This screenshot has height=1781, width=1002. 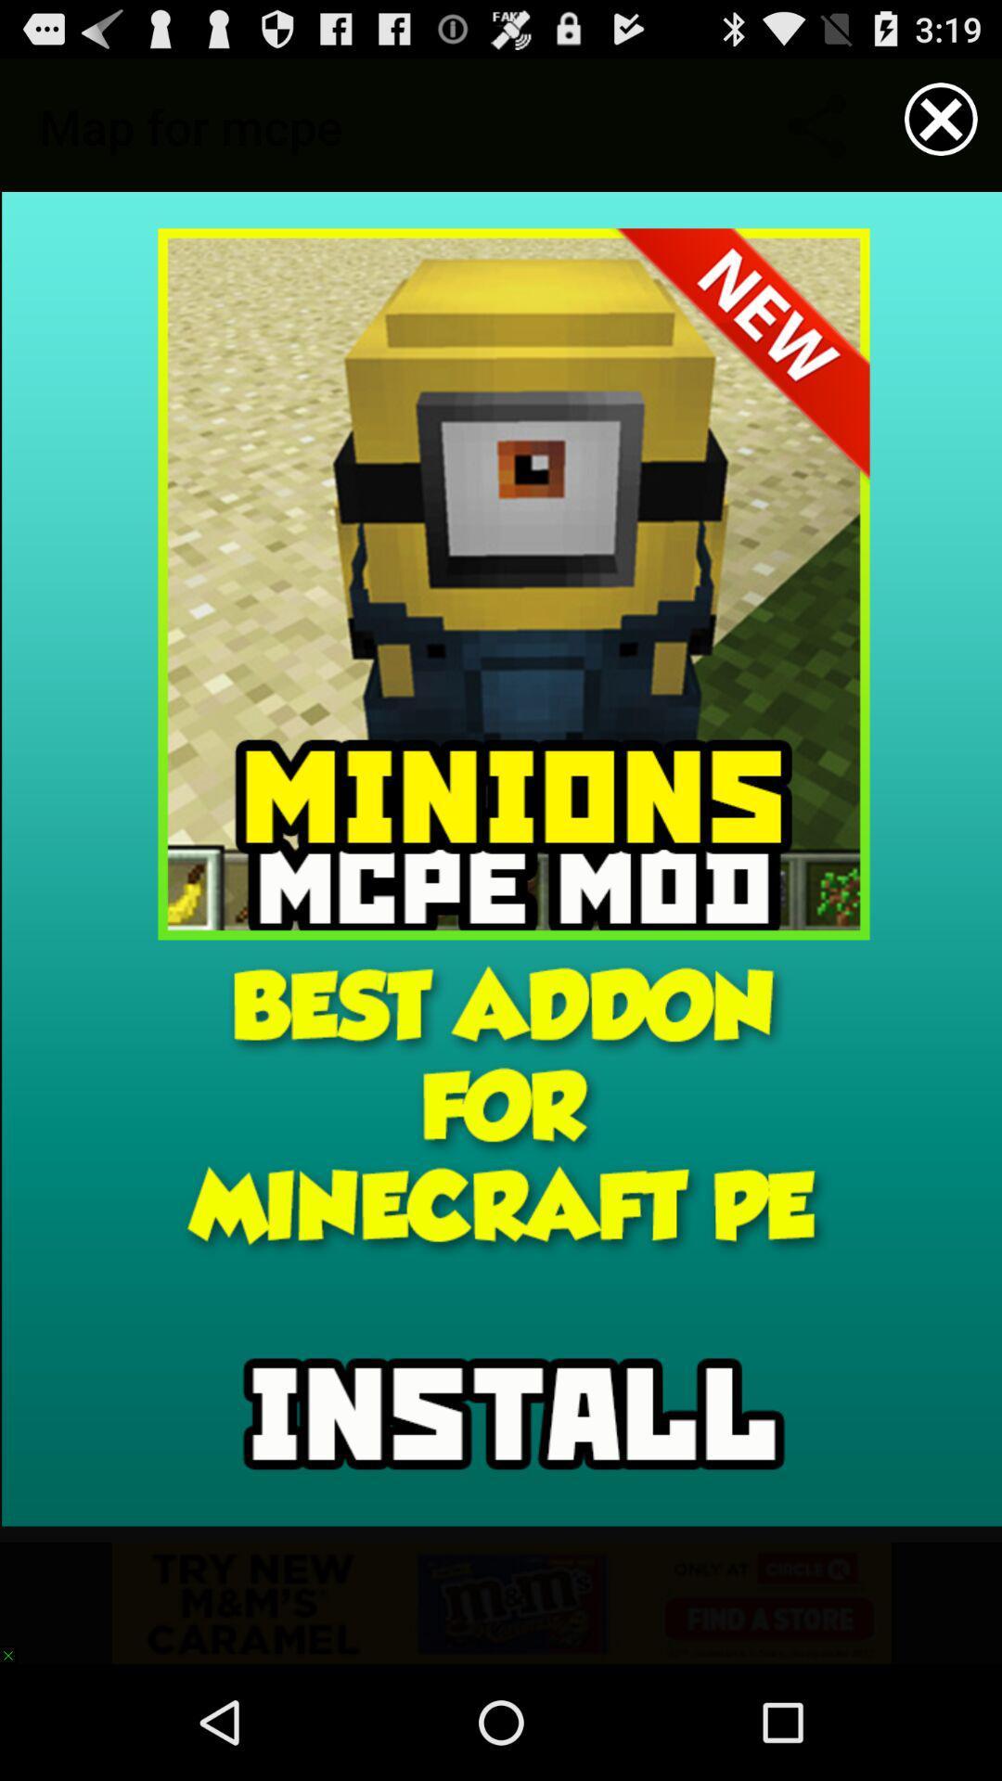 I want to click on the icon at the bottom left corner, so click(x=17, y=1646).